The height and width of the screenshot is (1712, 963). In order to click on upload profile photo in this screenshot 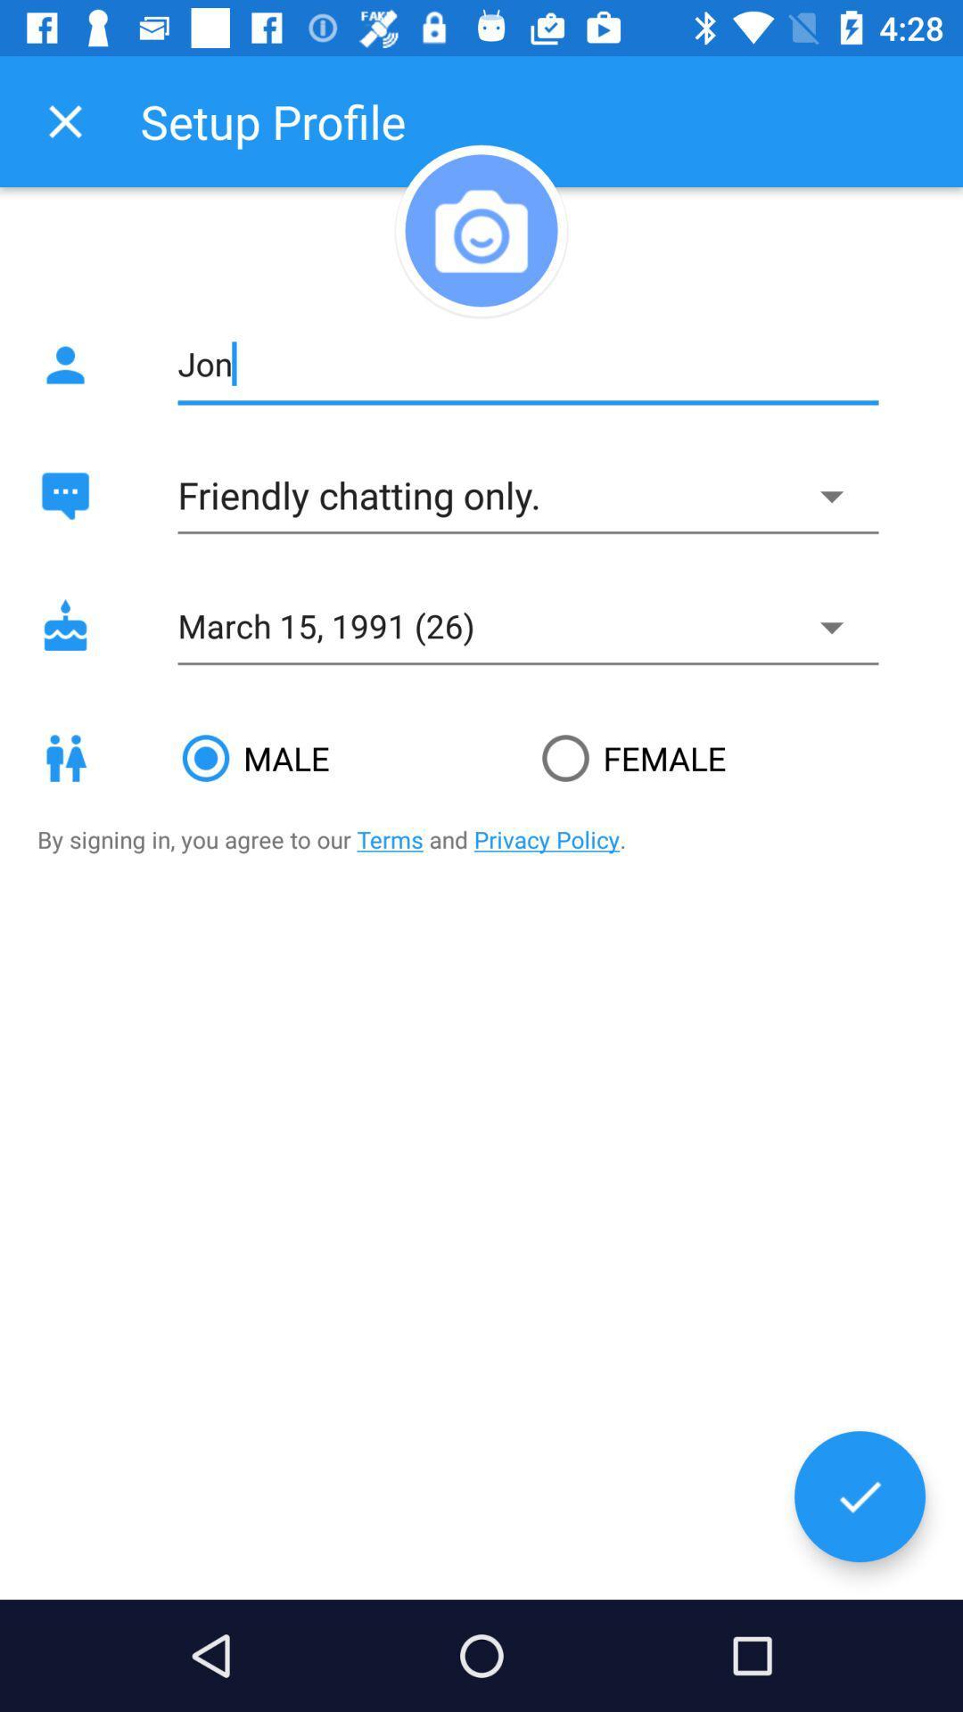, I will do `click(481, 229)`.